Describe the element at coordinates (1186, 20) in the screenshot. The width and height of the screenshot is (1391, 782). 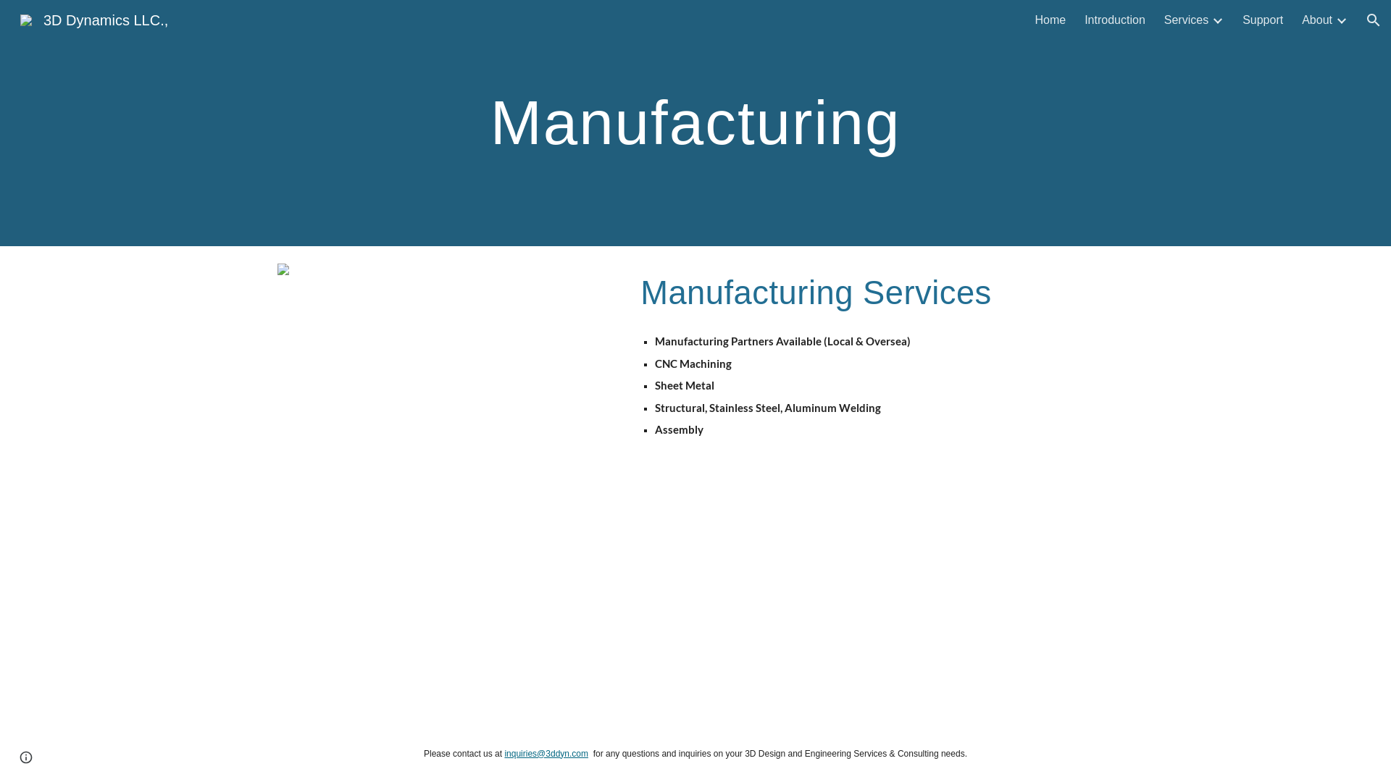
I see `'Services'` at that location.